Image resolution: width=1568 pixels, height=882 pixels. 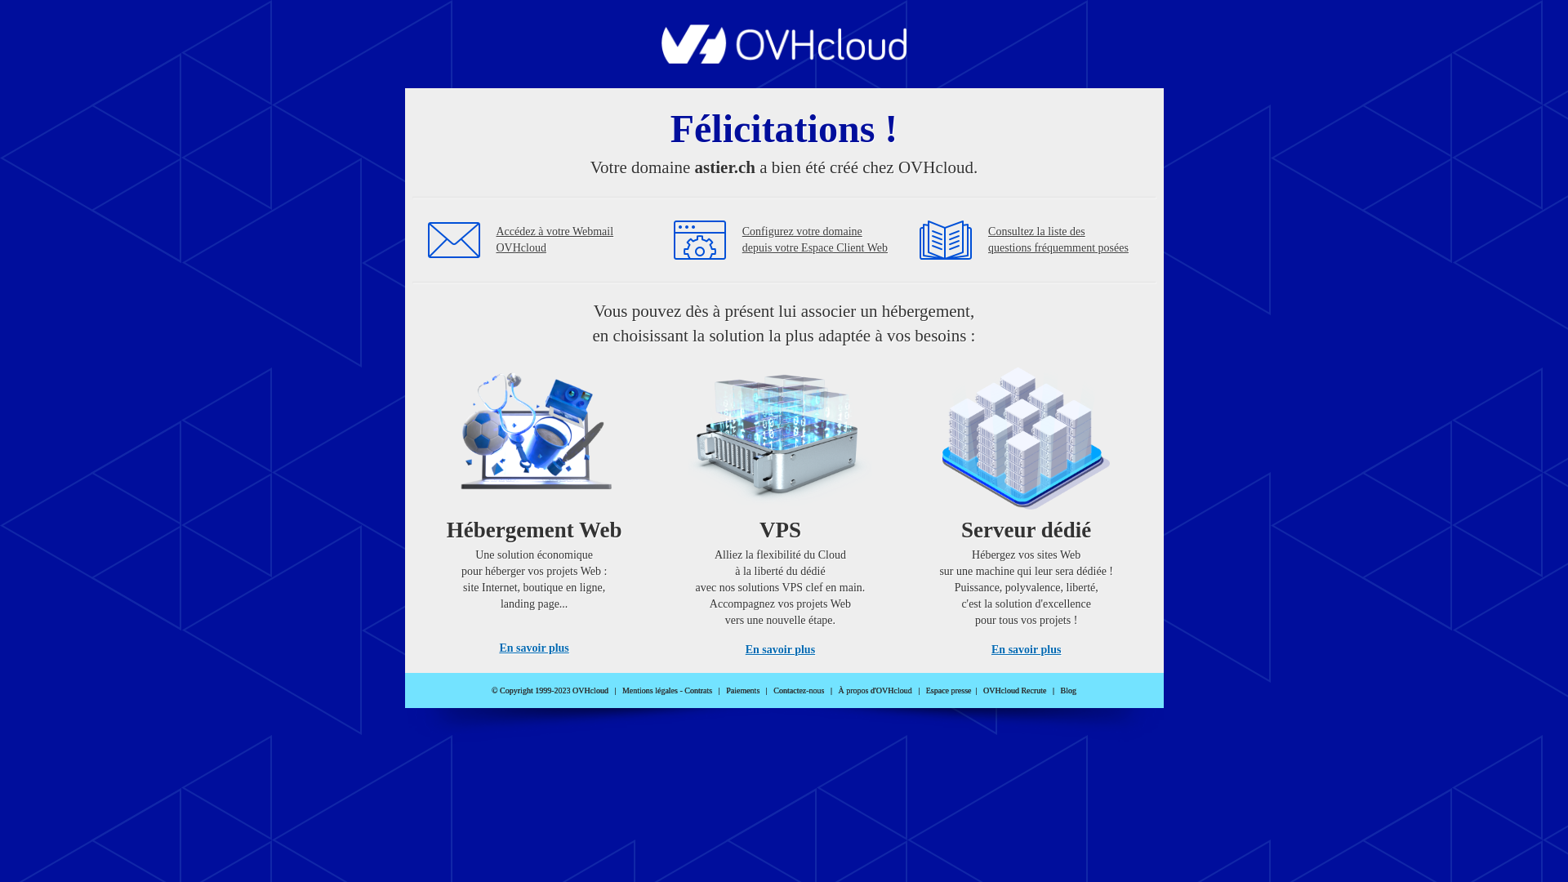 I want to click on 'OVHcloud Recrute', so click(x=1013, y=690).